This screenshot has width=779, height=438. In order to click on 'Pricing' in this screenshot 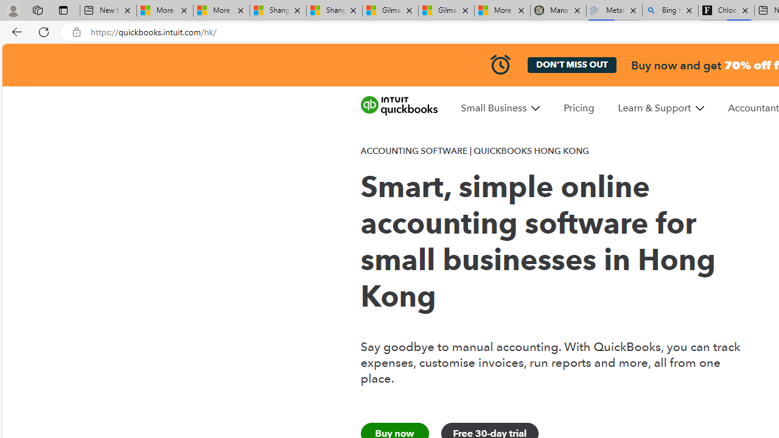, I will do `click(578, 107)`.